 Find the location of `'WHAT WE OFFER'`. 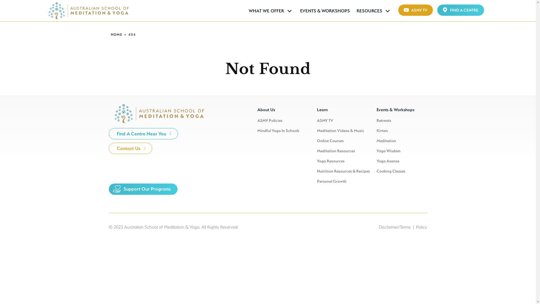

'WHAT WE OFFER' is located at coordinates (271, 11).